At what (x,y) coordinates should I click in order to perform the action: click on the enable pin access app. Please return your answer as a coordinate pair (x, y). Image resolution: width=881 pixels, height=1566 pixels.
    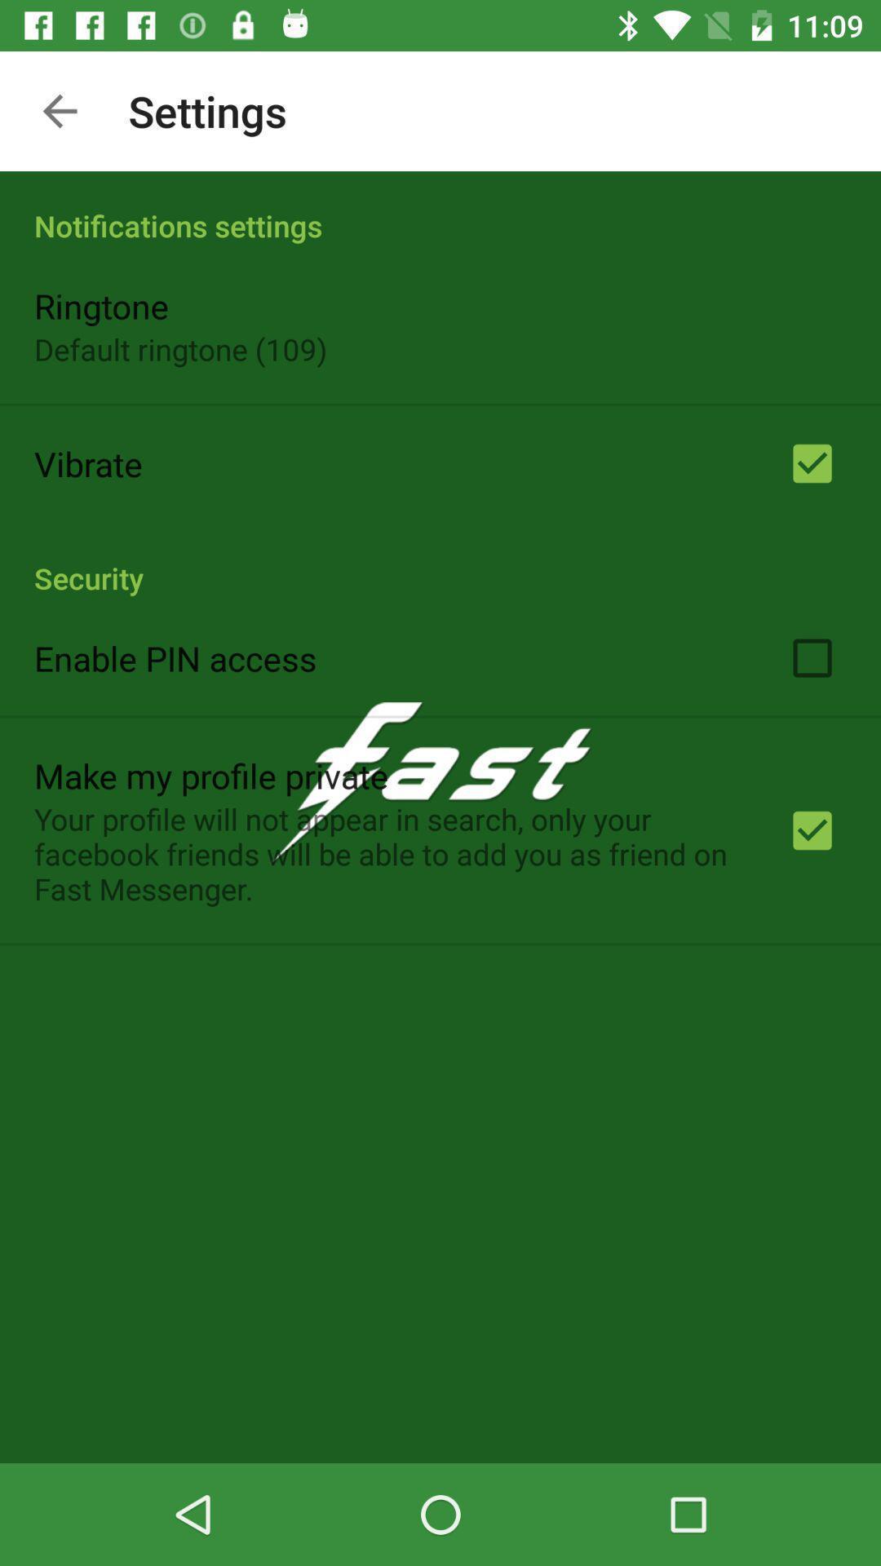
    Looking at the image, I should click on (175, 657).